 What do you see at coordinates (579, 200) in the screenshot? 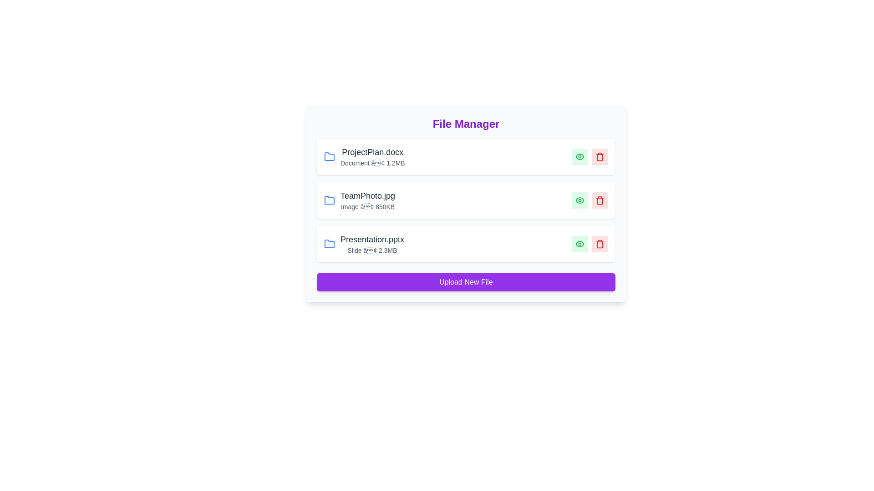
I see `eye icon to view details of the file TeamPhoto.jpg` at bounding box center [579, 200].